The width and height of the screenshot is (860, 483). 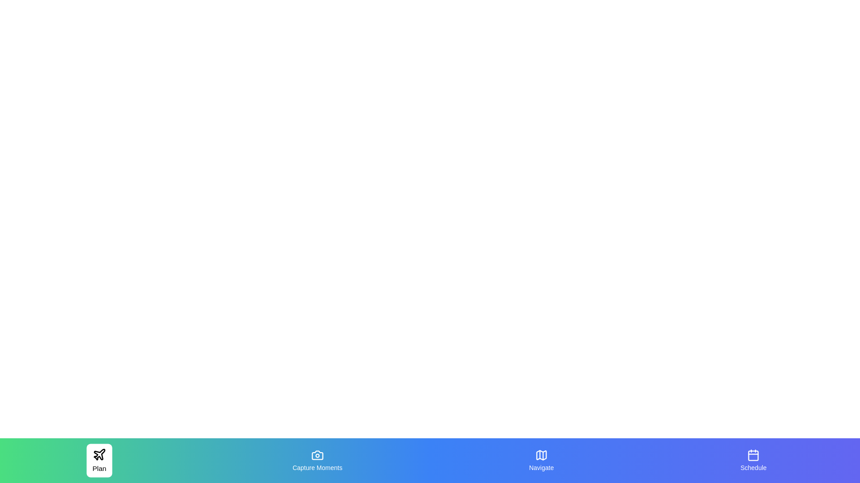 I want to click on the tab labeled Capture Moments by clicking on it, so click(x=317, y=460).